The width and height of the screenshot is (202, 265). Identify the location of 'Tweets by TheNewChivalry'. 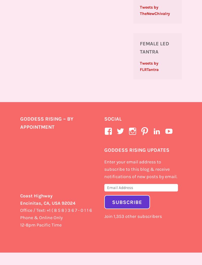
(155, 10).